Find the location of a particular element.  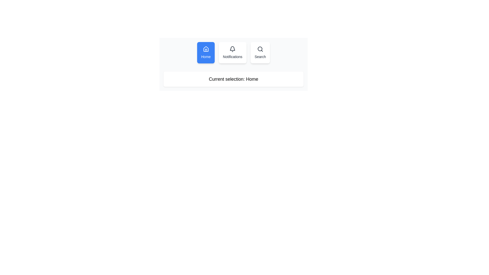

the 'Home' button, which is a rectangular button with a blue background and a white outlined house icon above the text 'Home' is located at coordinates (206, 53).